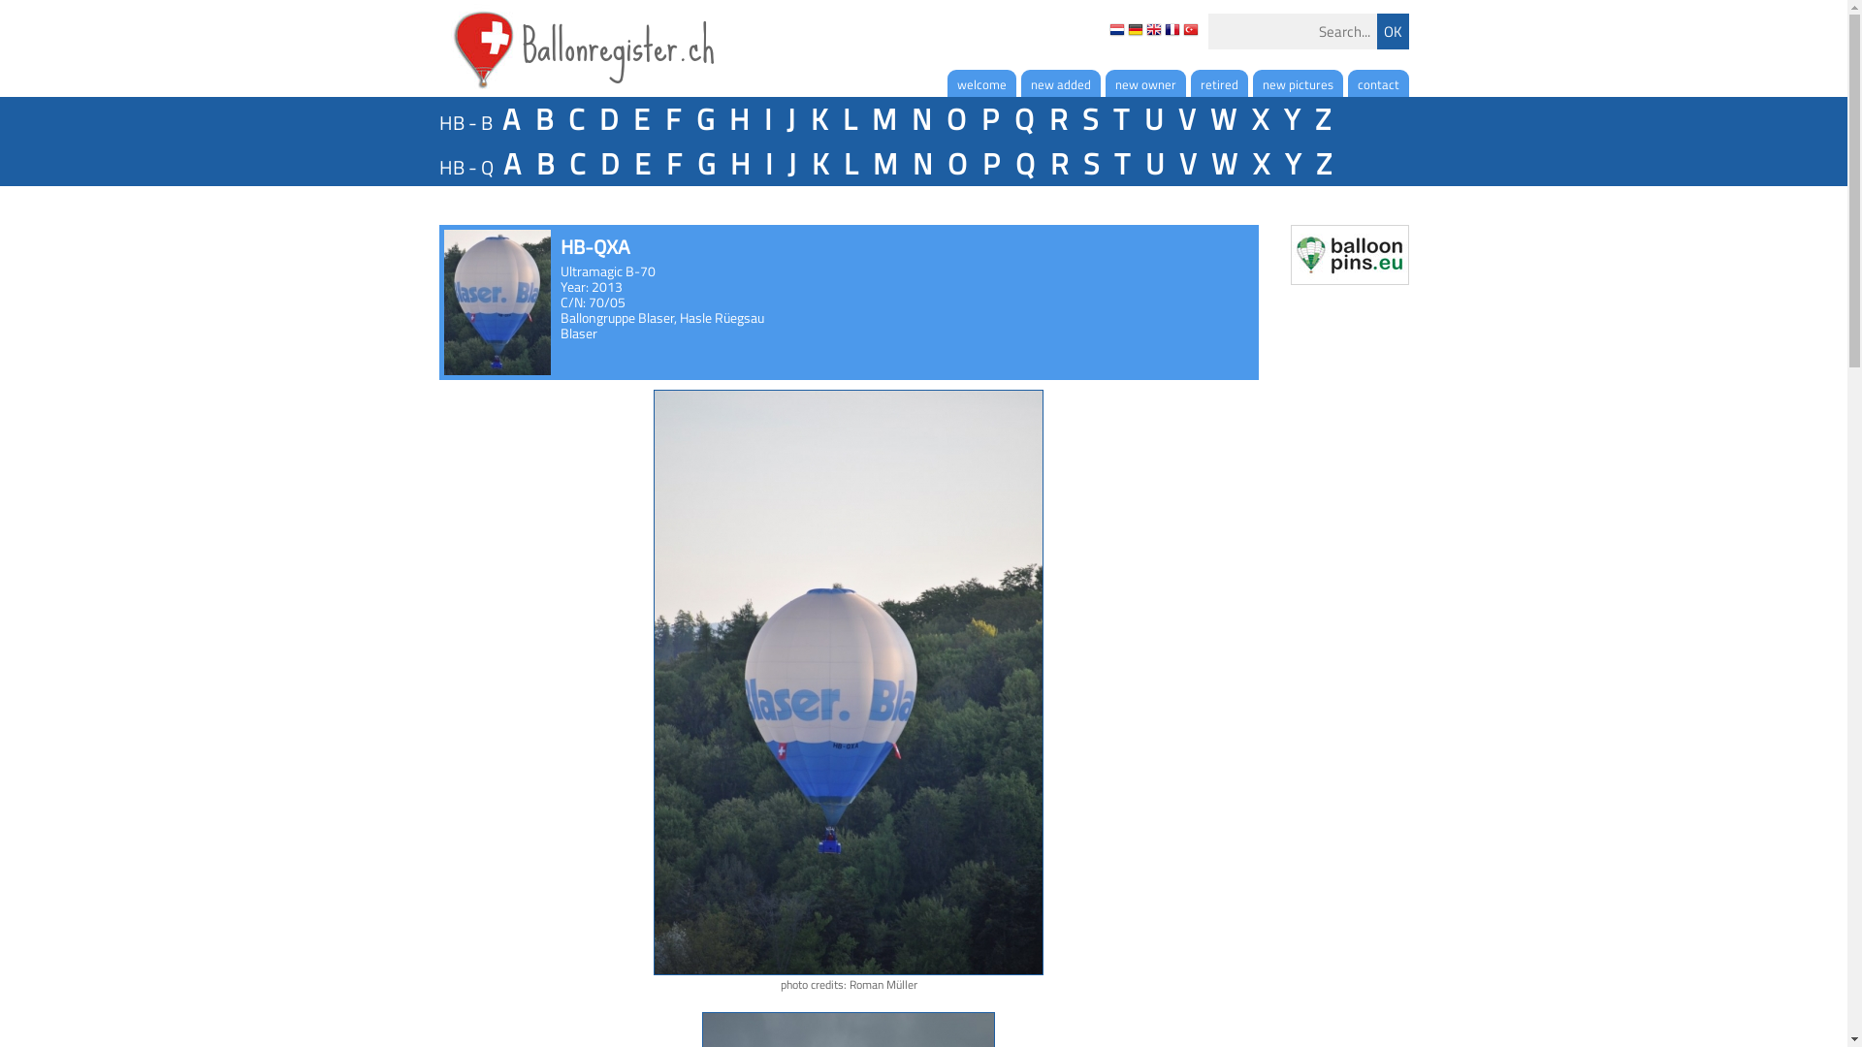 The width and height of the screenshot is (1862, 1047). Describe the element at coordinates (1184, 119) in the screenshot. I see `'V'` at that location.